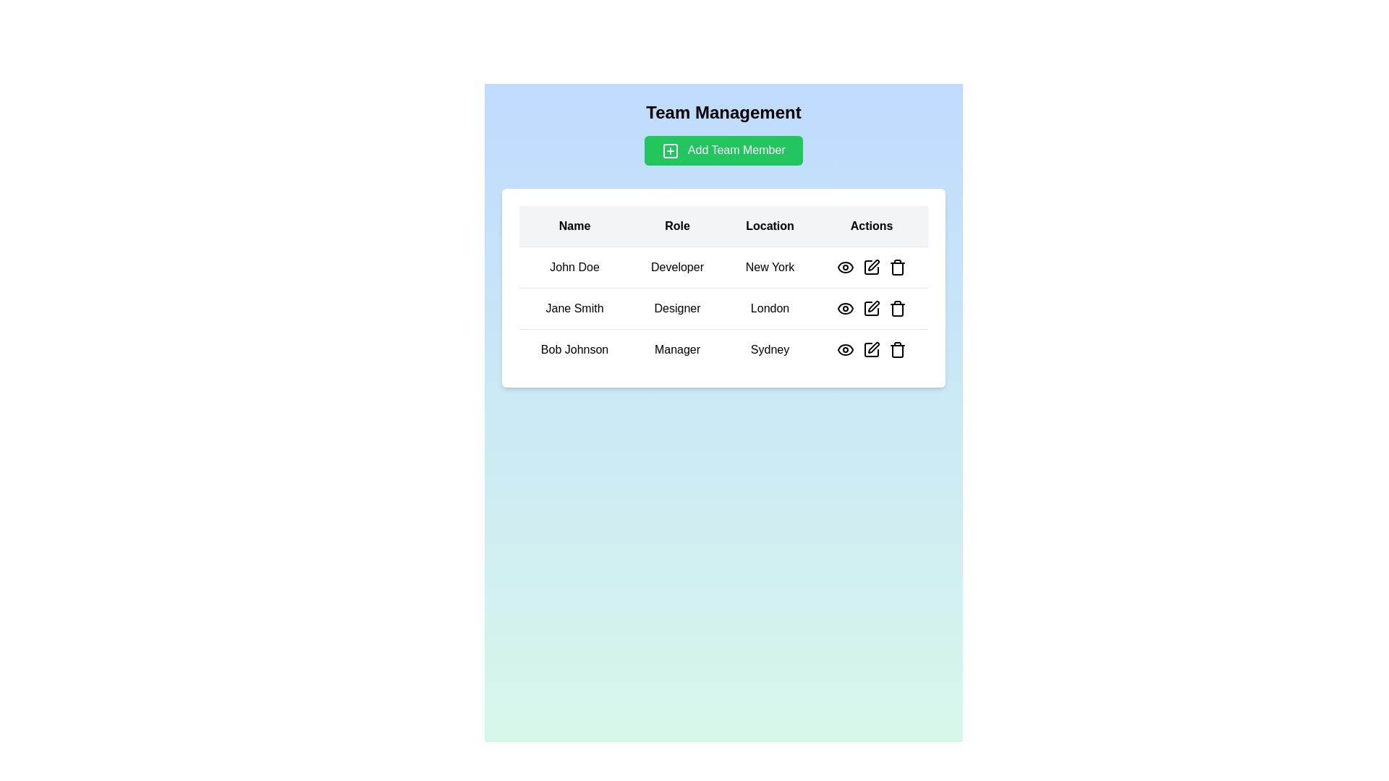 This screenshot has width=1389, height=781. Describe the element at coordinates (769, 267) in the screenshot. I see `the 'New York' text label in the 'Location' column for the row corresponding to 'John Doe' for potential interactions` at that location.